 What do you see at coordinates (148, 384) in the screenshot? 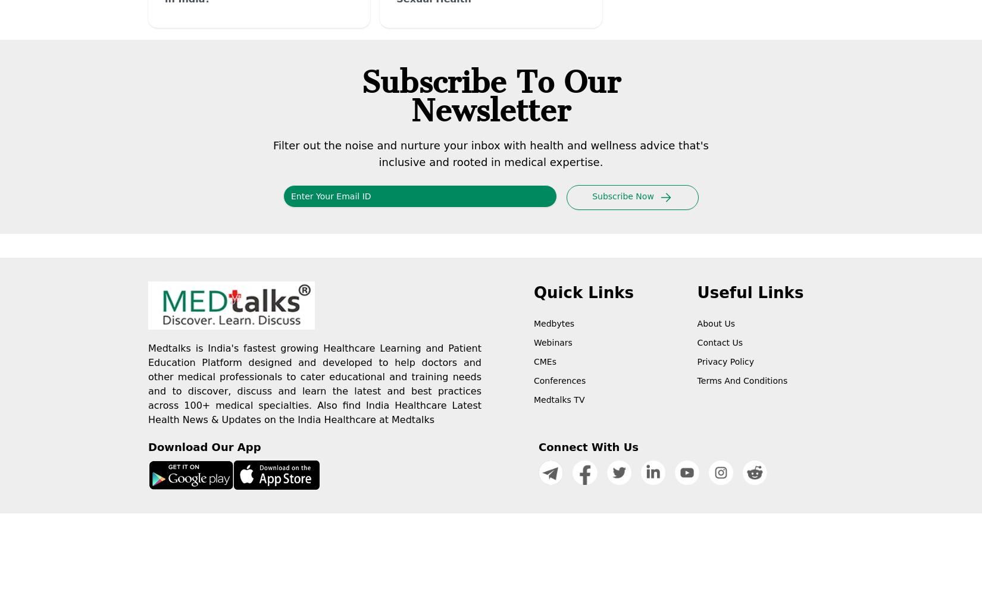
I see `'Medtalks is India's fastest growing Healthcare Learning and Patient Education Platform designed and developed to help doctors and other medical professionals to cater educational and training needs and to discover, discuss and learn the latest and best practices across 100+ medical specialties. Also find India Healthcare Latest Health News & Updates on the India Healthcare at Medtalks'` at bounding box center [148, 384].